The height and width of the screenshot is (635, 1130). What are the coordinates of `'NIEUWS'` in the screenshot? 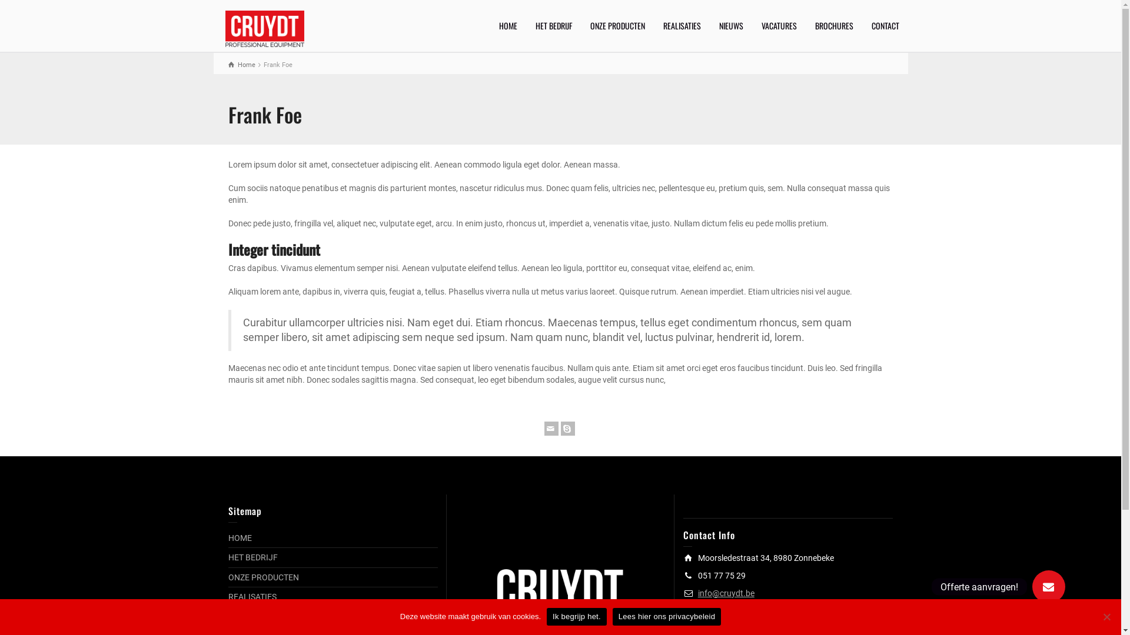 It's located at (730, 25).